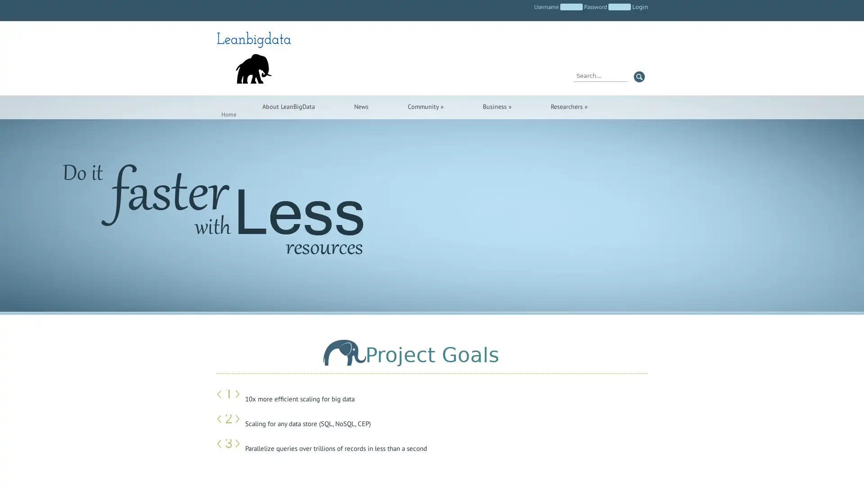 The width and height of the screenshot is (864, 486). What do you see at coordinates (639, 7) in the screenshot?
I see `Login` at bounding box center [639, 7].